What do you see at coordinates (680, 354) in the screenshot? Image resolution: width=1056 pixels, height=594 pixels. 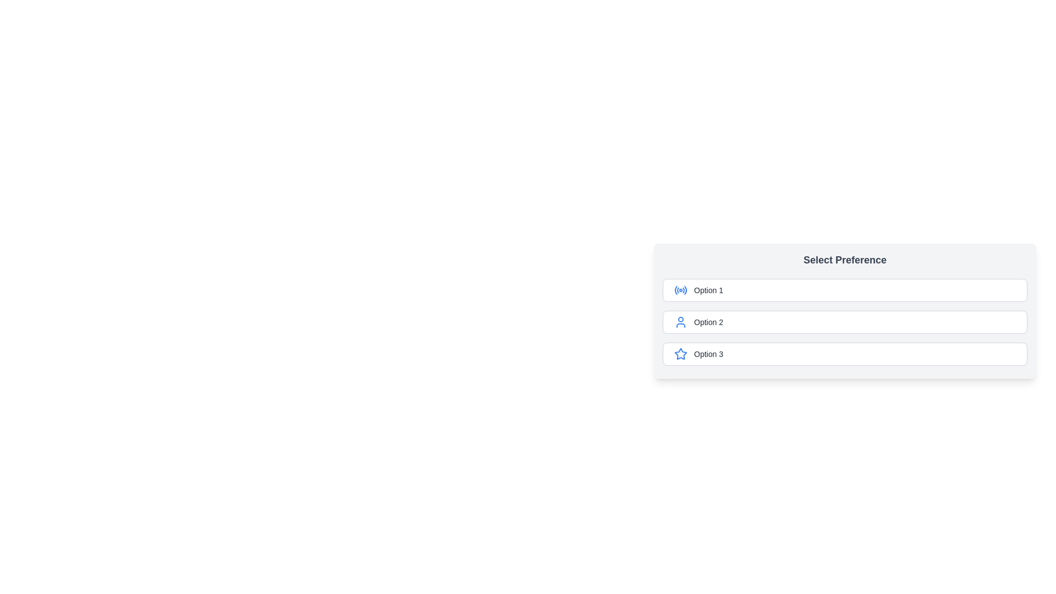 I see `the star icon located in the rightmost section of the interface, specifically inside the third option labeled 'Option 3'` at bounding box center [680, 354].